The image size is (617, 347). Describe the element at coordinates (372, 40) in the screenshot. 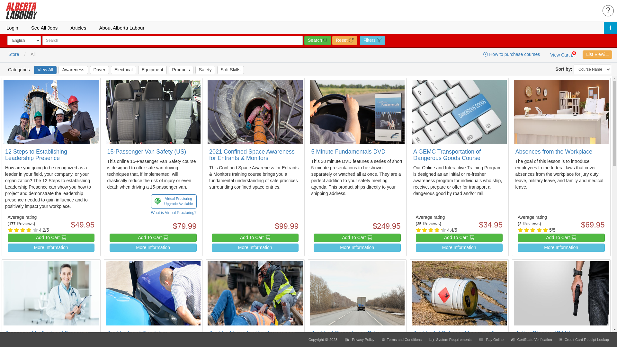

I see `'Filters'` at that location.